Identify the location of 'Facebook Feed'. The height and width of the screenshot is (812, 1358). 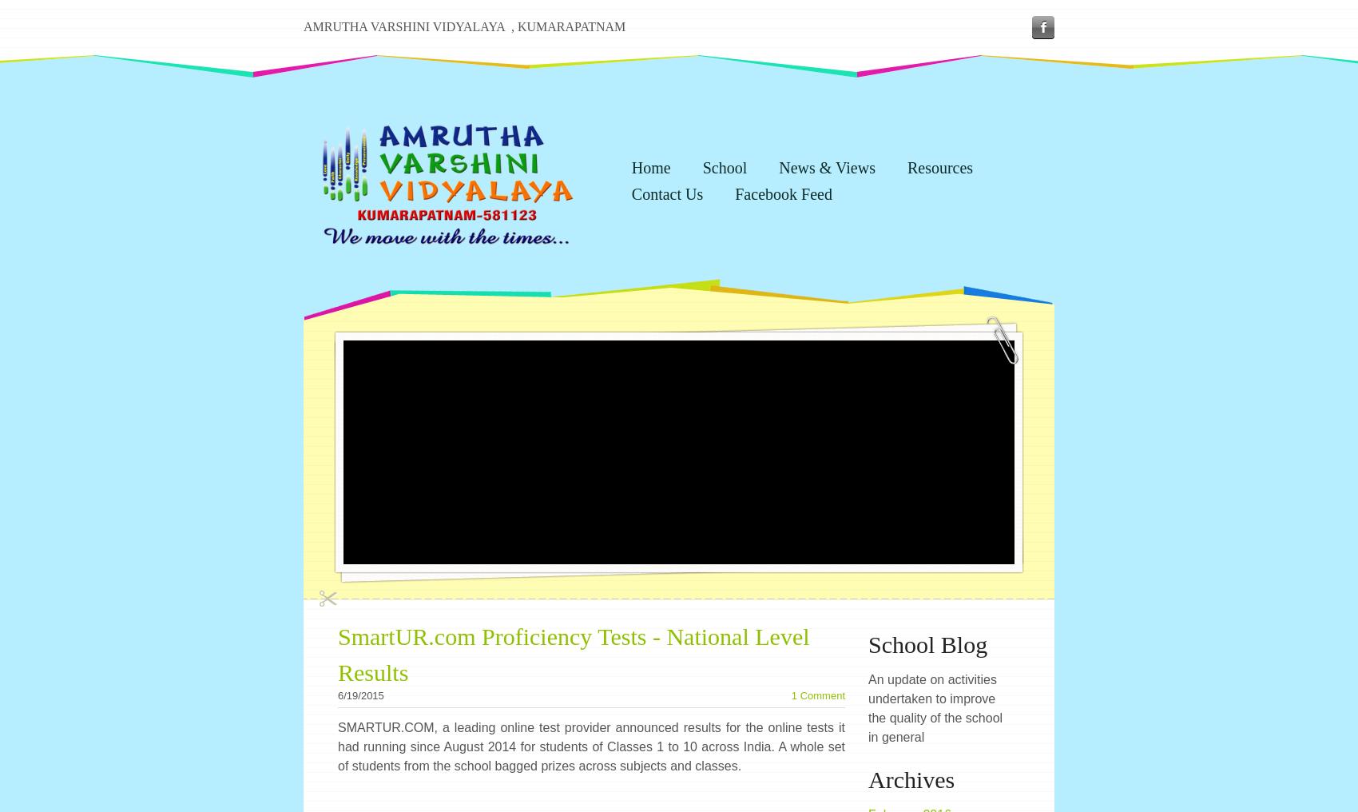
(735, 193).